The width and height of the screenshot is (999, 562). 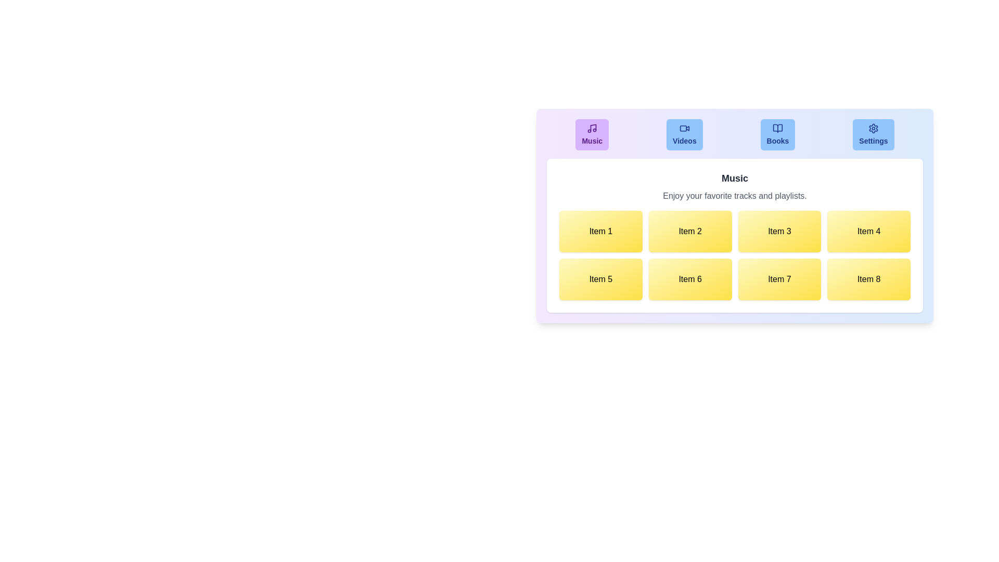 I want to click on the tab labeled Books, so click(x=778, y=134).